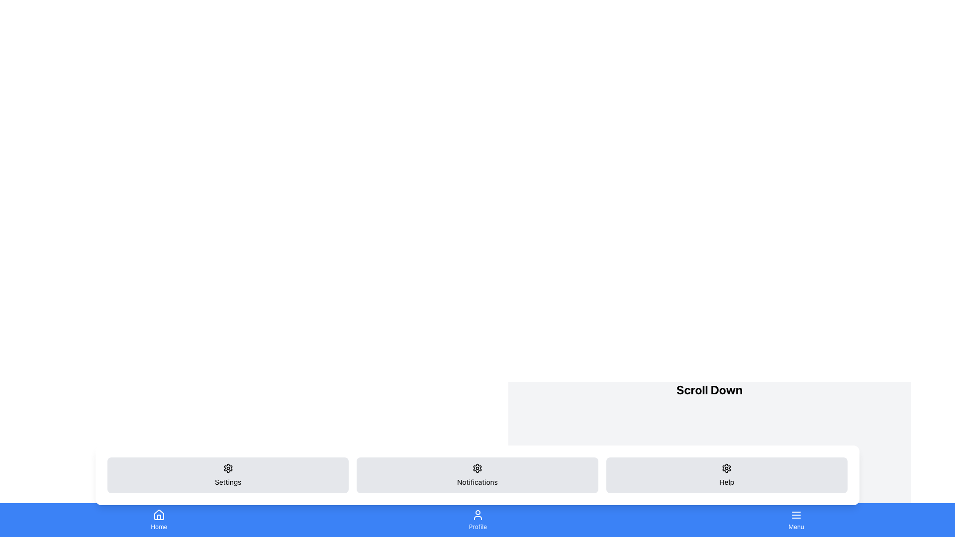  Describe the element at coordinates (158, 527) in the screenshot. I see `the 'Home' static text label located in the bottom navigation bar under the house-shaped icon` at that location.